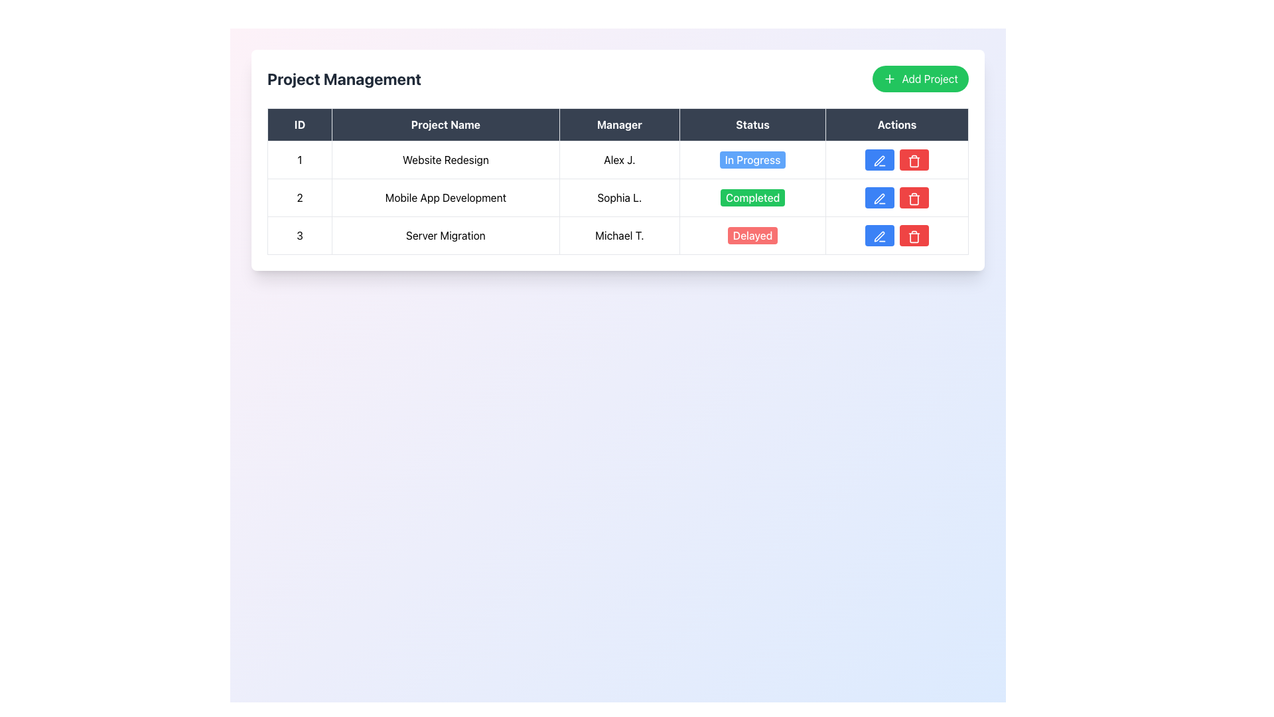 This screenshot has height=717, width=1274. I want to click on the red button labeled 'Delayed' with white text, located in the 'Status' column of the third row in the table for the 'Server Migration' project managed by 'Michael T.', so click(752, 234).